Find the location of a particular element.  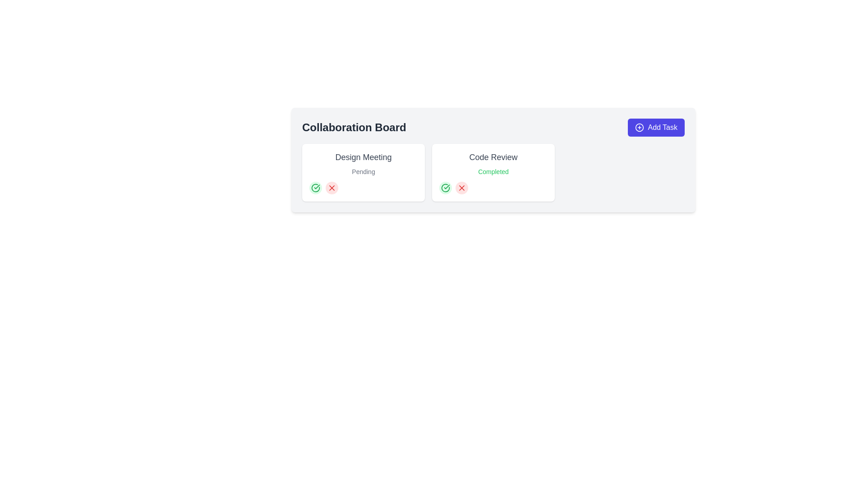

the circular outline icon with a plus sign at its center, which serves as a visual indicator within the 'Add Task' button located at the top-right corner of the interface is located at coordinates (639, 127).